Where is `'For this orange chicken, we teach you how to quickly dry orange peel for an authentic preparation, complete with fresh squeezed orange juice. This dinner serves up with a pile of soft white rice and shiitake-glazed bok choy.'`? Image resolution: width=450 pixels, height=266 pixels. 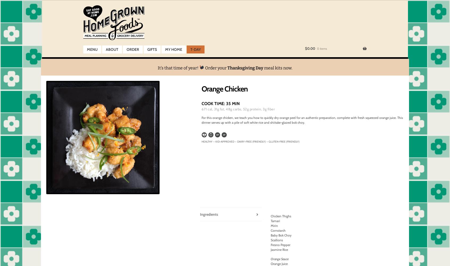
'For this orange chicken, we teach you how to quickly dry orange peel for an authentic preparation, complete with fresh squeezed orange juice. This dinner serves up with a pile of soft white rice and shiitake-glazed bok choy.' is located at coordinates (302, 120).